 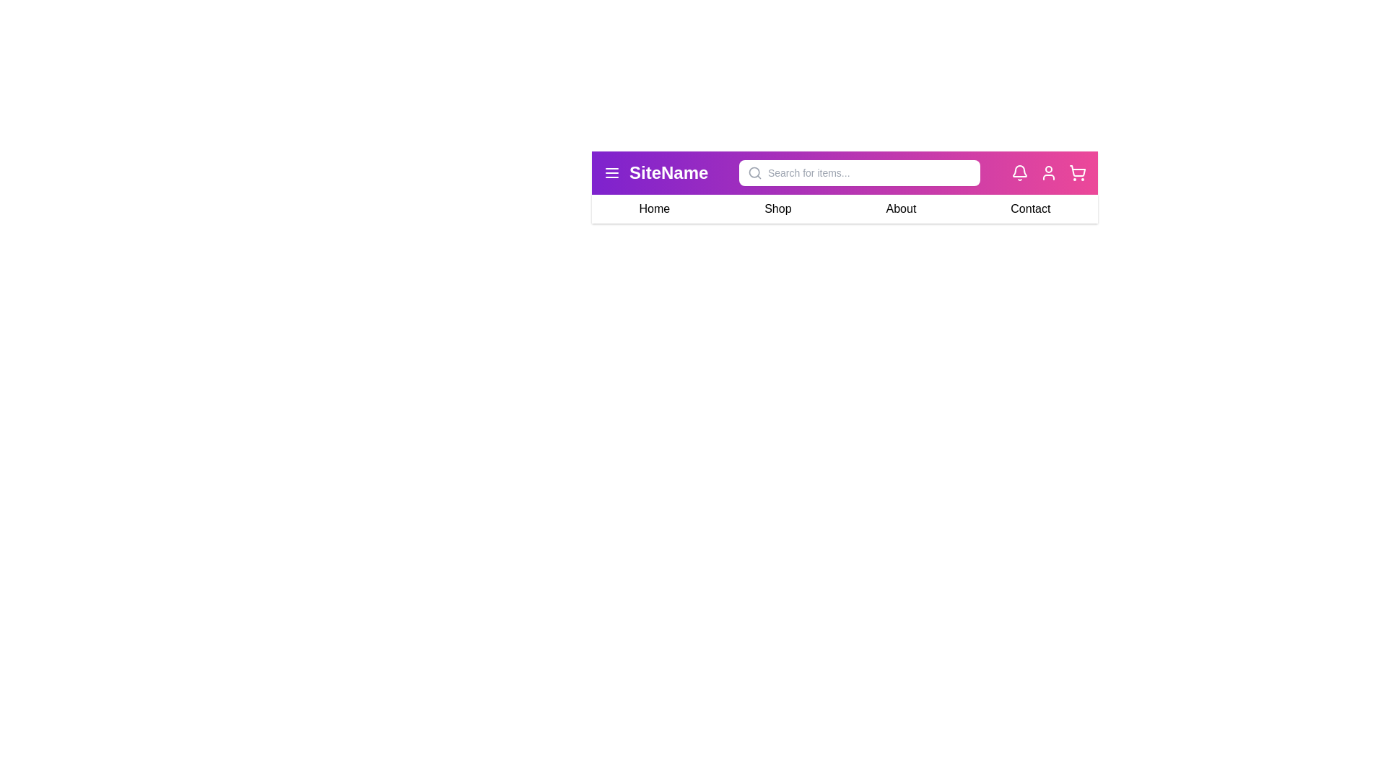 I want to click on the user profile icon, so click(x=1049, y=172).